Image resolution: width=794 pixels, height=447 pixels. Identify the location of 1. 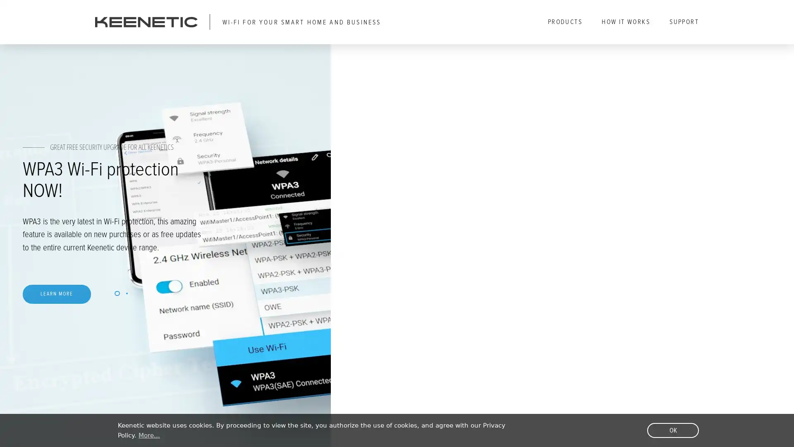
(246, 312).